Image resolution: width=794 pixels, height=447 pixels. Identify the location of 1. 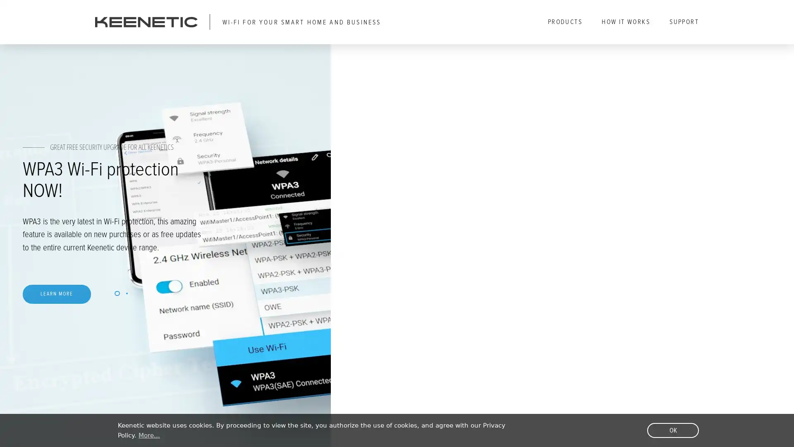
(246, 312).